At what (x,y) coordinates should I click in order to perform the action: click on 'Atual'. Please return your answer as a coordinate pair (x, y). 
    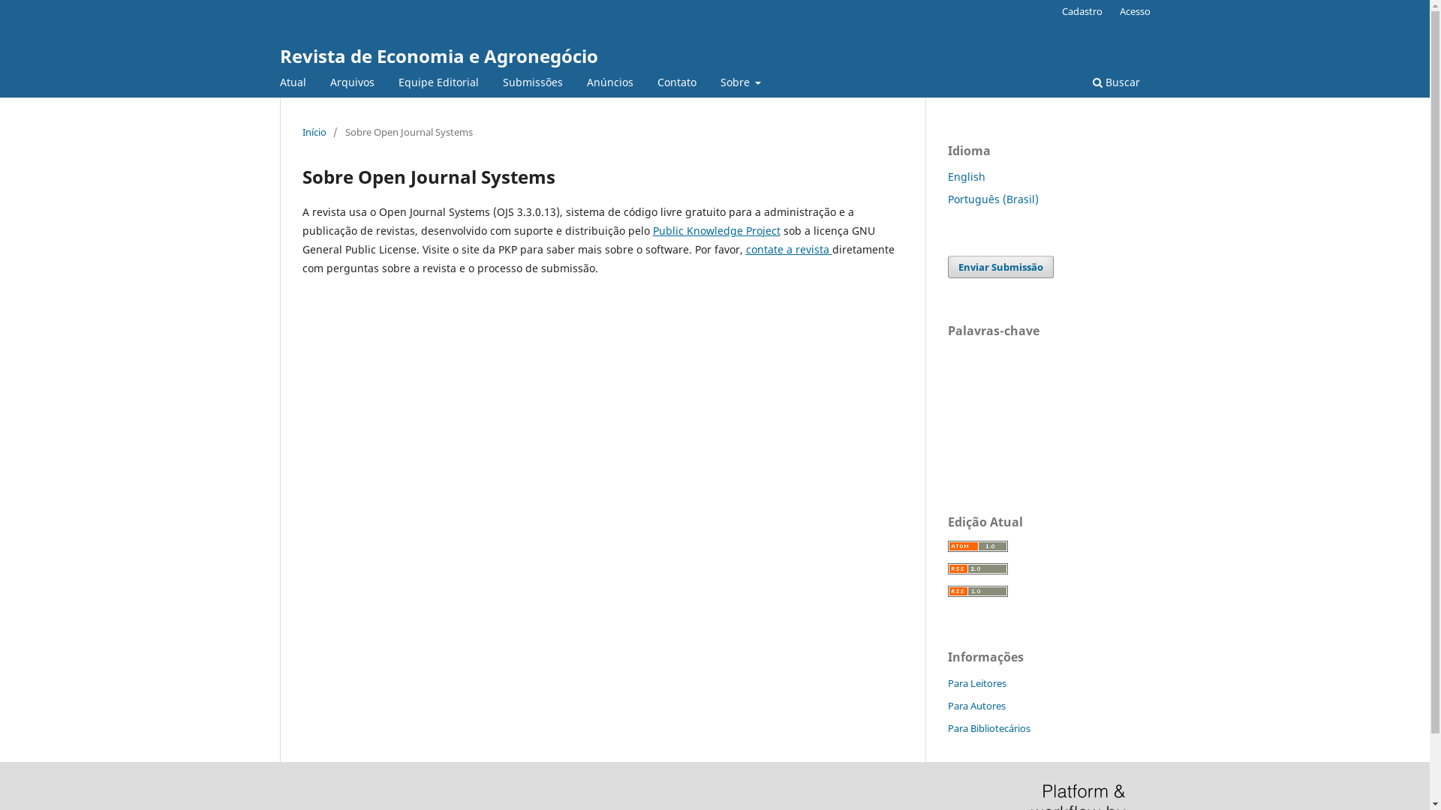
    Looking at the image, I should click on (293, 84).